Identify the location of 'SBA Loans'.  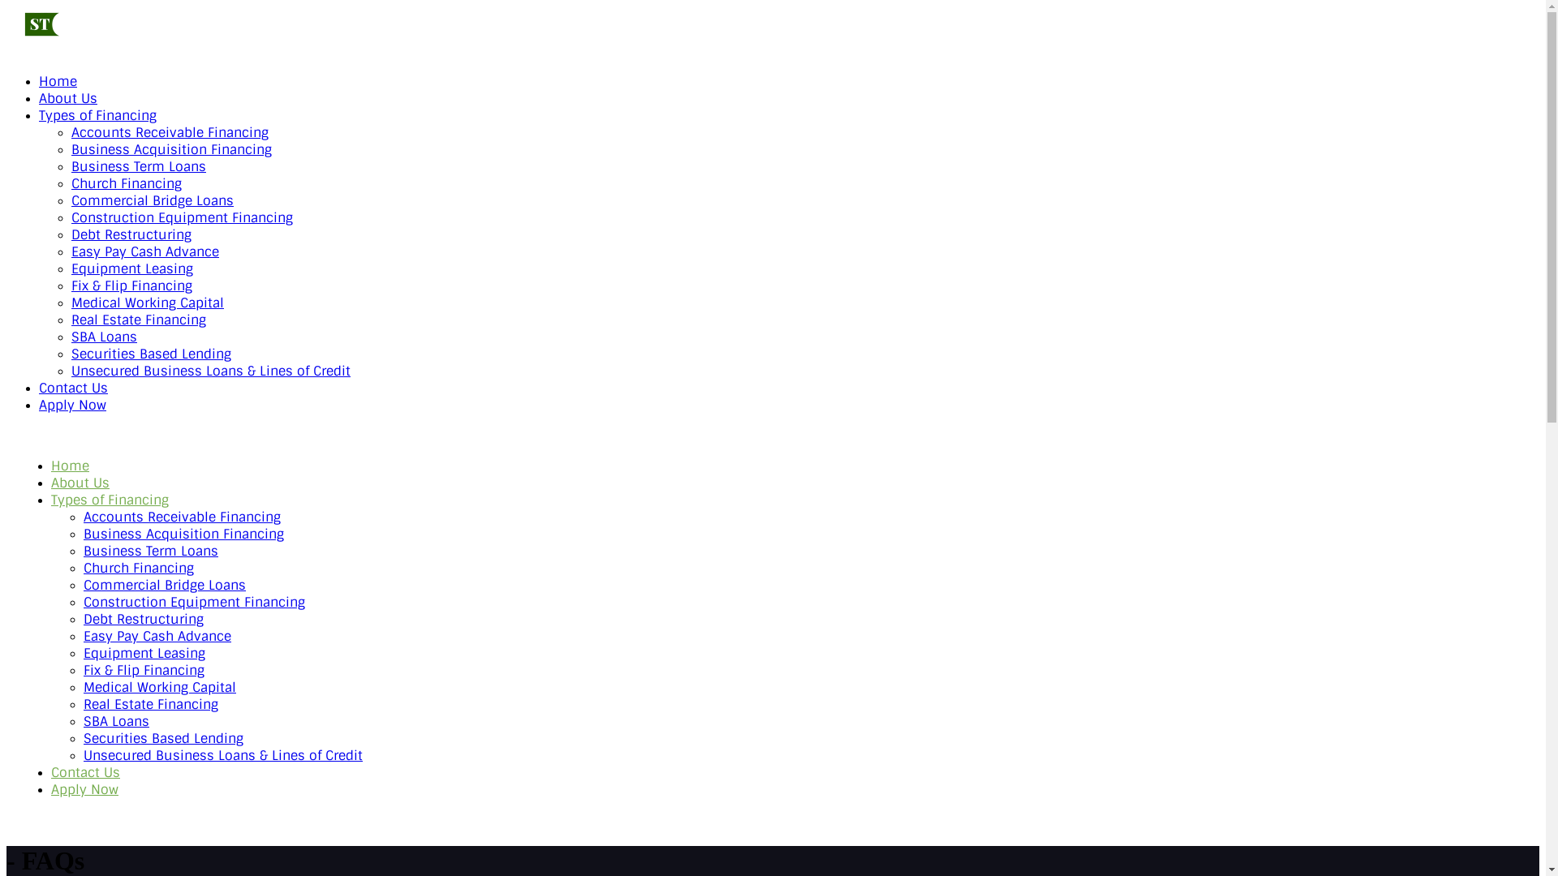
(70, 336).